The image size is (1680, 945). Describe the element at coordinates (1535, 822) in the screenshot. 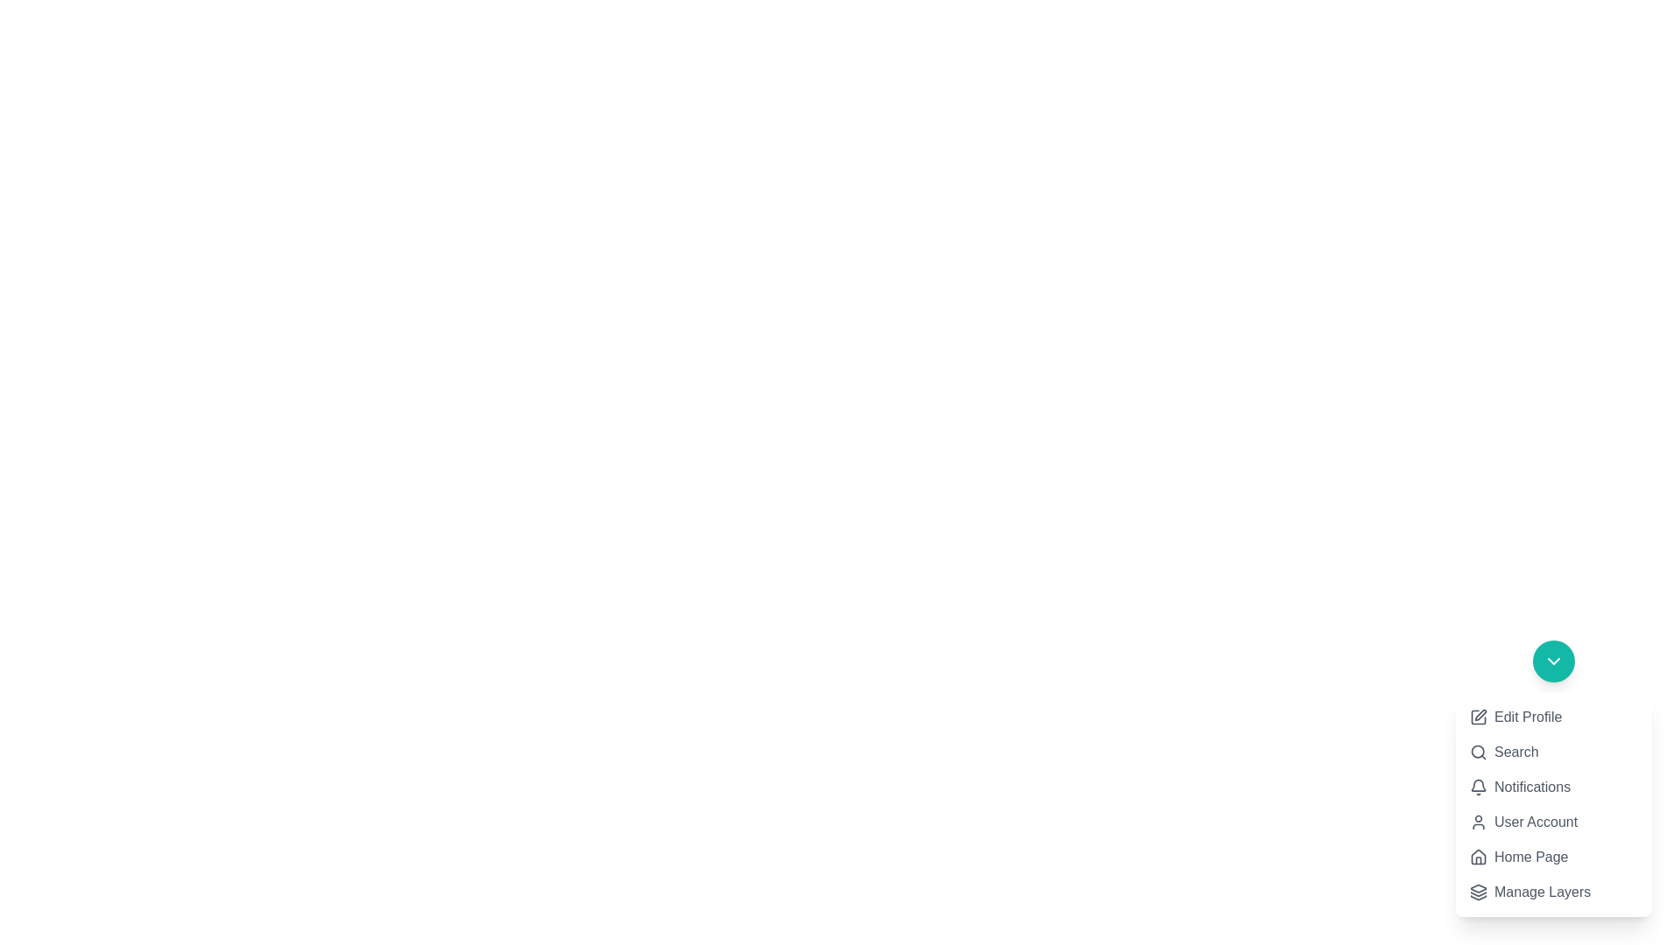

I see `the Text Label in the dropdown menu that links to the user's account settings, positioned between 'Notifications' and 'Home Page'` at that location.